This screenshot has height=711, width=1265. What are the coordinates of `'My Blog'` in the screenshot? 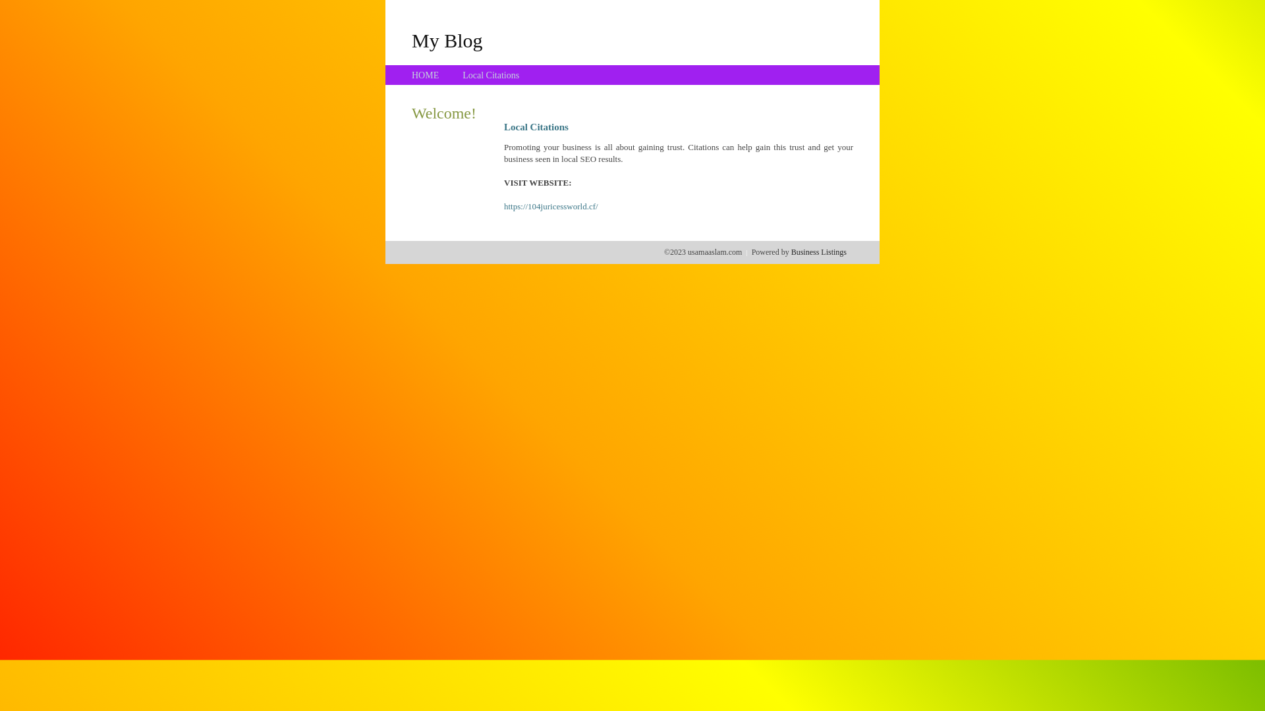 It's located at (447, 39).